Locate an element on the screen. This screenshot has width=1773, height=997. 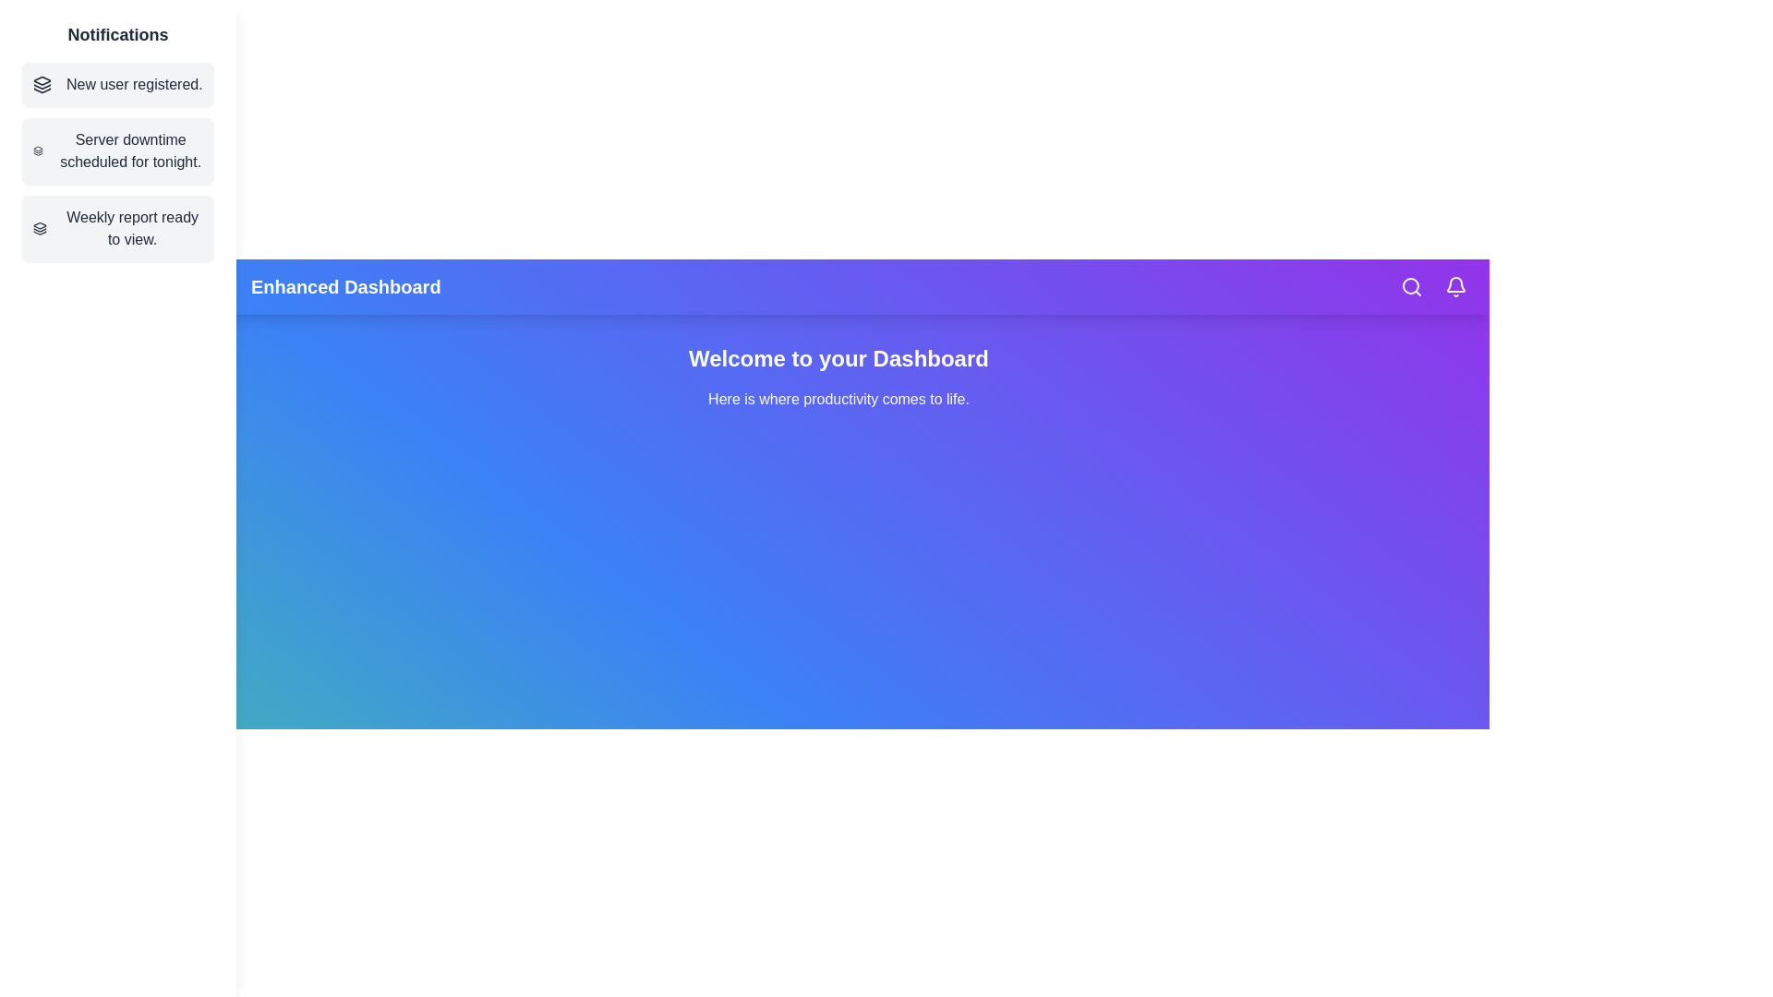
the notification labeled 'Server downtime scheduled for tonight.' in the sidebar is located at coordinates (117, 150).